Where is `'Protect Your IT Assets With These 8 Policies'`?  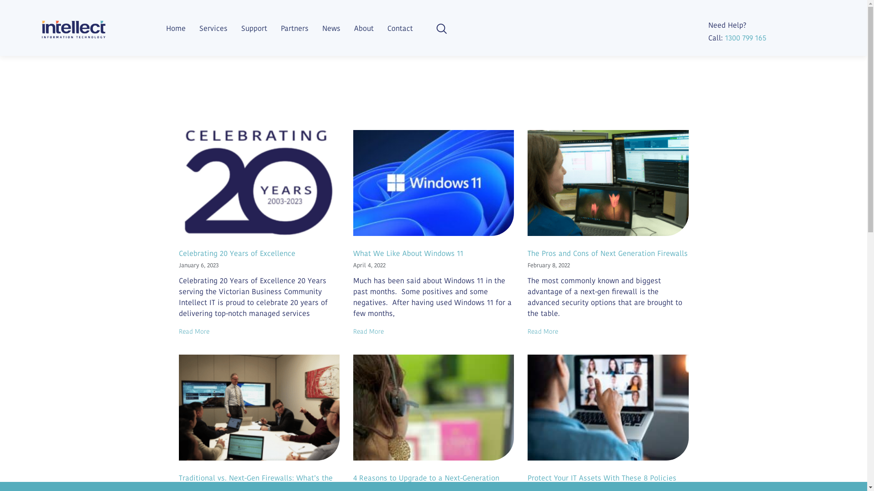 'Protect Your IT Assets With These 8 Policies' is located at coordinates (602, 477).